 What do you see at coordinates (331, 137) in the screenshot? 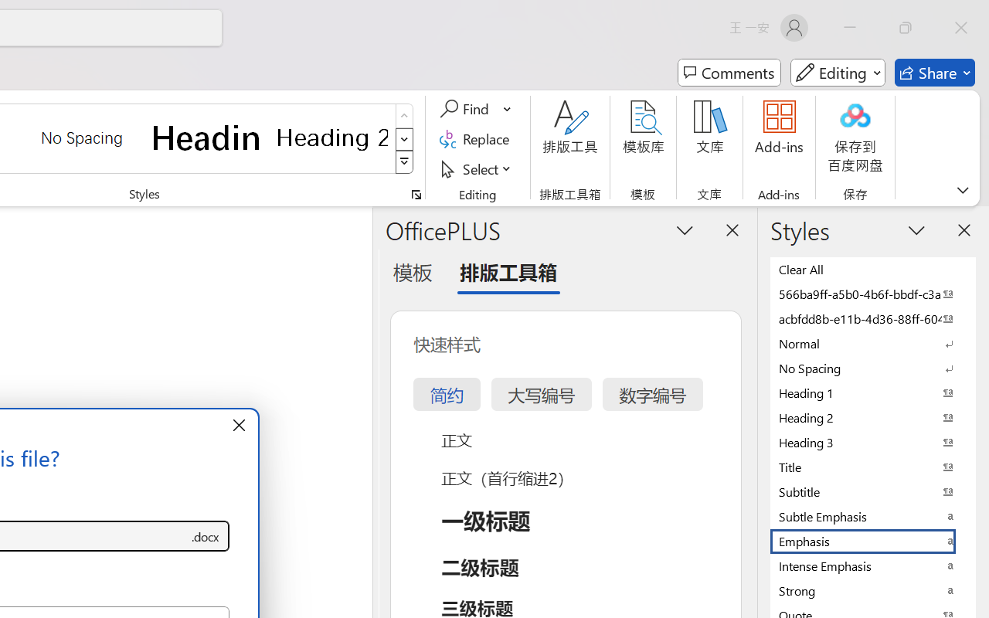
I see `'Heading 2'` at bounding box center [331, 137].